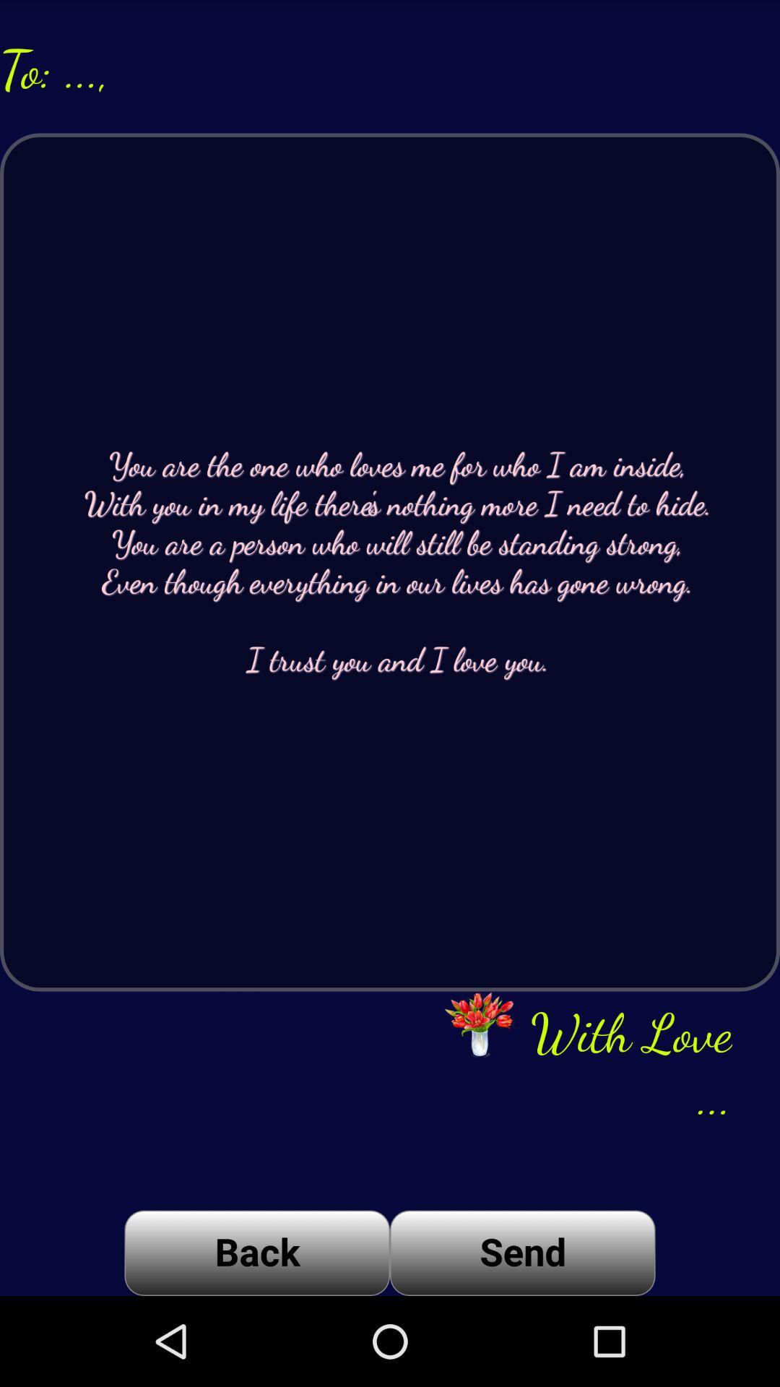  I want to click on you are the icon, so click(390, 561).